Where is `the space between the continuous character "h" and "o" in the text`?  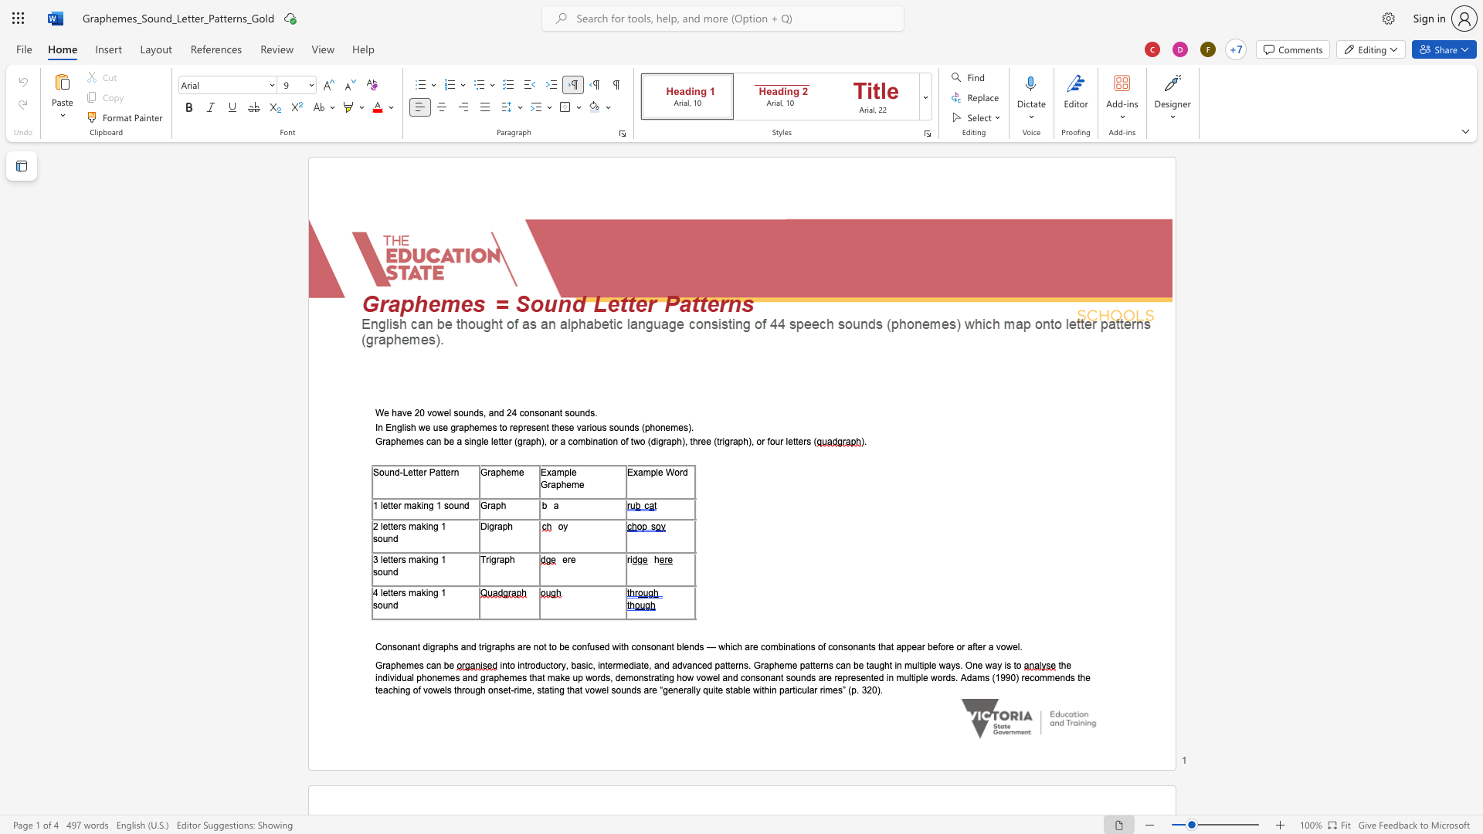 the space between the continuous character "h" and "o" in the text is located at coordinates (655, 427).